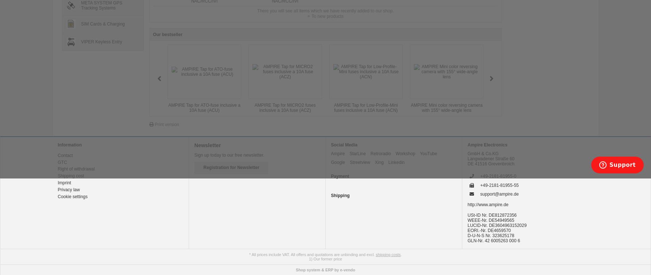 Image resolution: width=651 pixels, height=275 pixels. What do you see at coordinates (80, 42) in the screenshot?
I see `'VIPER Keyless Entry'` at bounding box center [80, 42].